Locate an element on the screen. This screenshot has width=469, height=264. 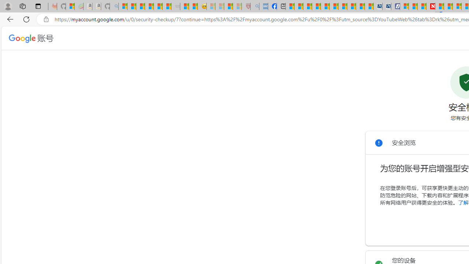
'Combat Siege - Sleeping' is located at coordinates (176, 6).